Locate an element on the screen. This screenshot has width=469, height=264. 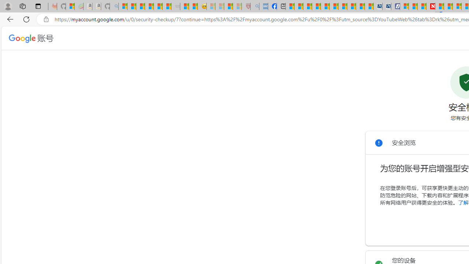
'Combat Siege - Sleeping' is located at coordinates (176, 6).